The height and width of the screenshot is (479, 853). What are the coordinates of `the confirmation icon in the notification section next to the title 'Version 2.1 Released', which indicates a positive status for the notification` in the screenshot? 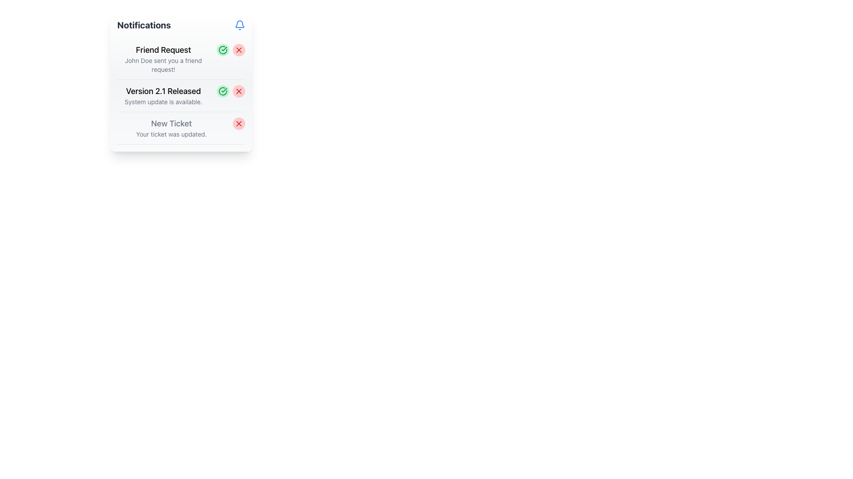 It's located at (223, 91).